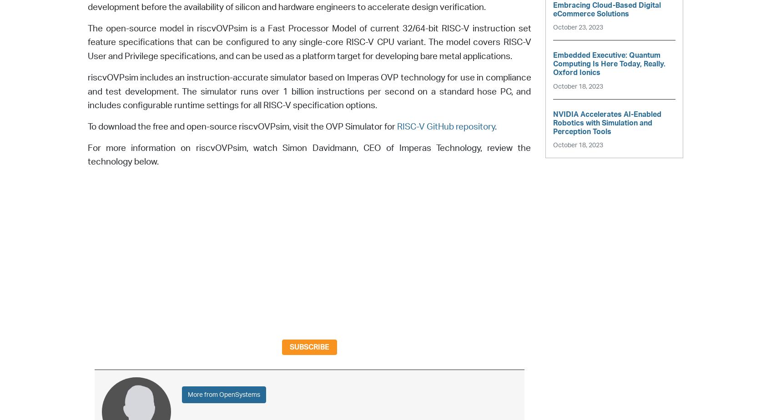  I want to click on 'Subscribe', so click(309, 347).